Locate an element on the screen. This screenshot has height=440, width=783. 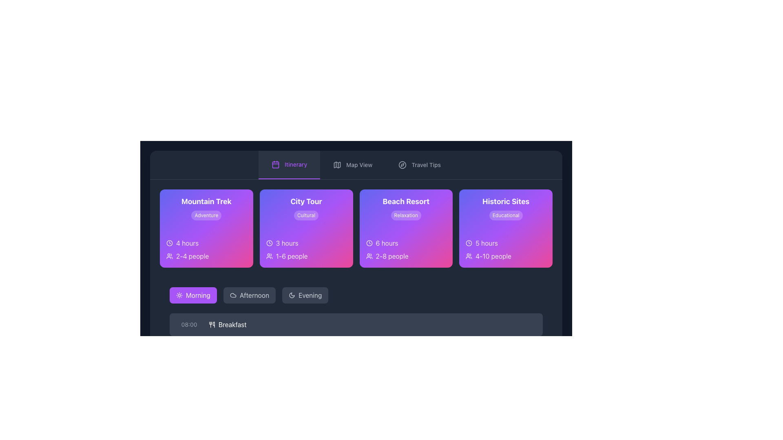
the icon depicting a group of people, which is styled in a minimalistic outline design and located in the '1-6 people' text section of the 'City Tour' card is located at coordinates (269, 255).